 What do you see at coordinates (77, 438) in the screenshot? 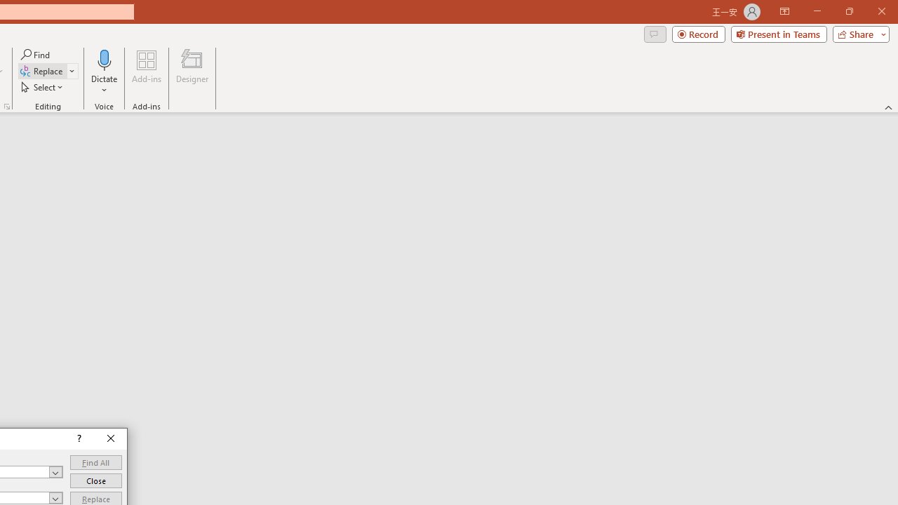
I see `'Context help'` at bounding box center [77, 438].